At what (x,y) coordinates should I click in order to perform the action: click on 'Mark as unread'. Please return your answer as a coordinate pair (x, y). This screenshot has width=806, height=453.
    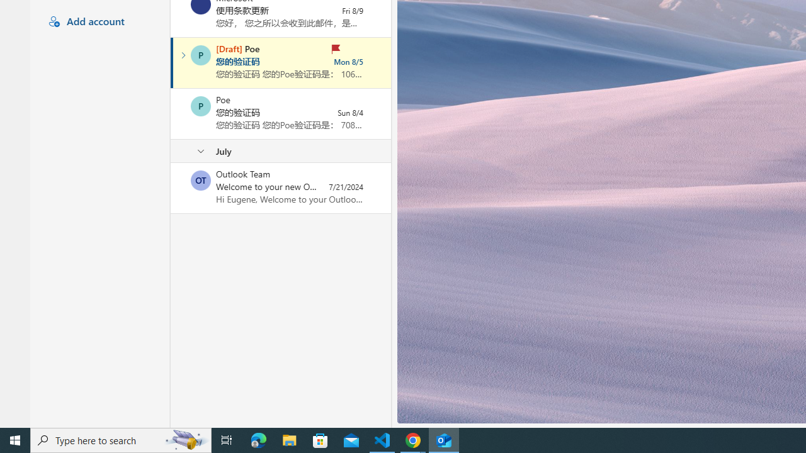
    Looking at the image, I should click on (171, 188).